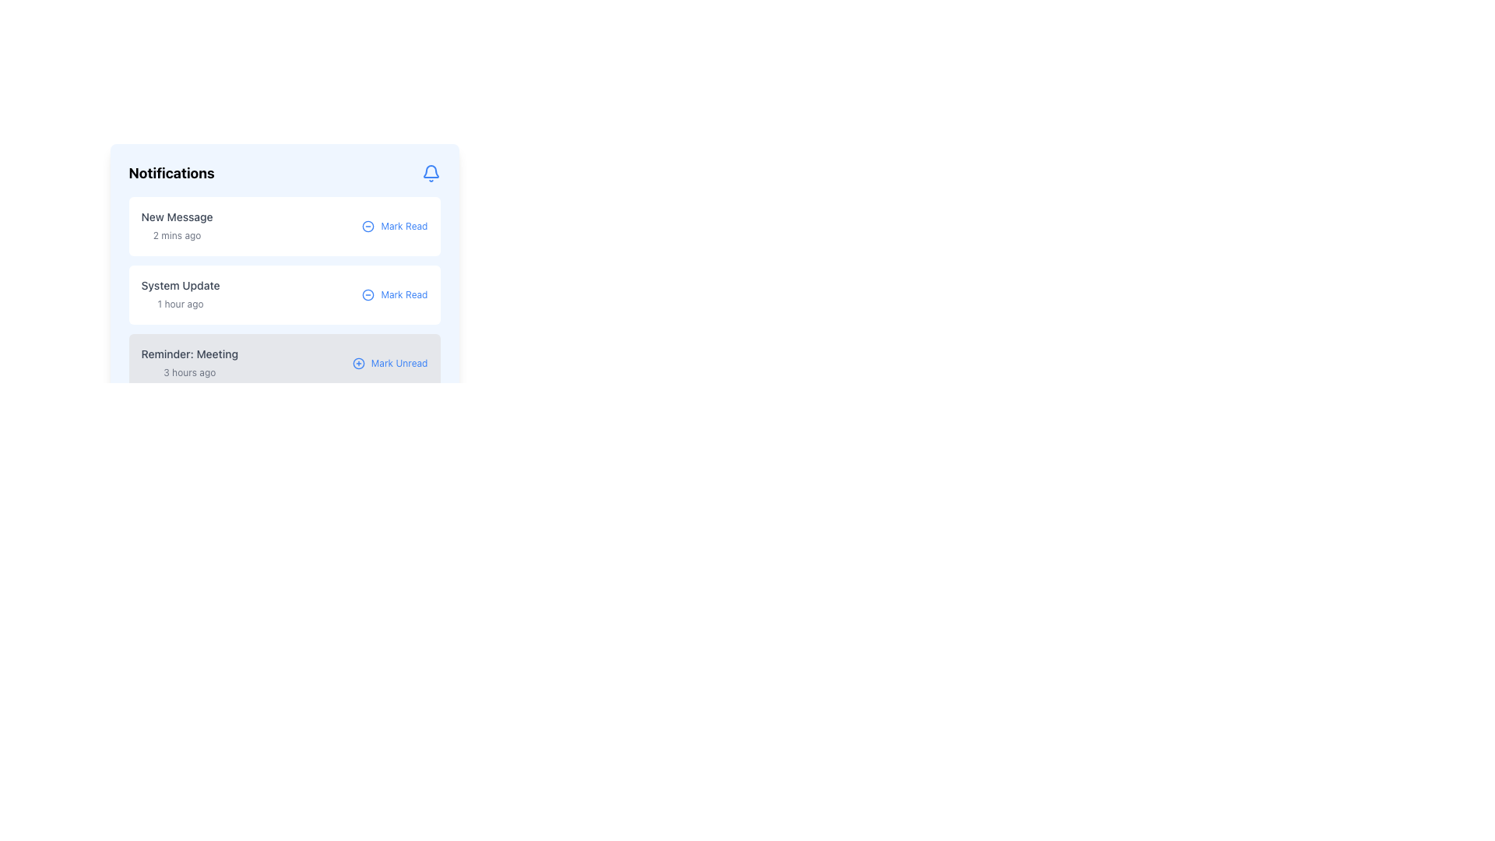 Image resolution: width=1495 pixels, height=841 pixels. I want to click on the small light-gray text label '2 mins ago' located in the first notification item, below 'New Message' and above the divider in the 'Notifications' panel, so click(177, 235).